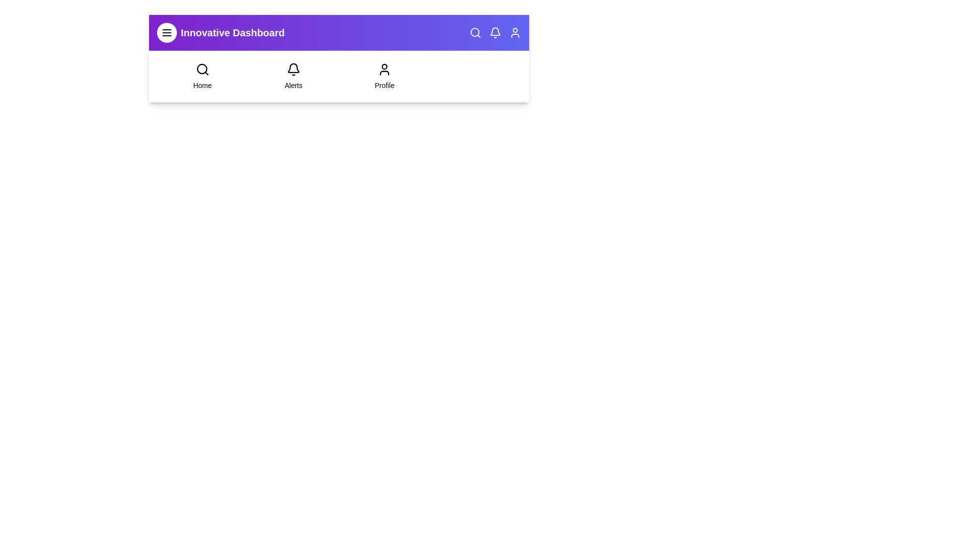  I want to click on the icon search to trigger its hover effect, so click(475, 32).